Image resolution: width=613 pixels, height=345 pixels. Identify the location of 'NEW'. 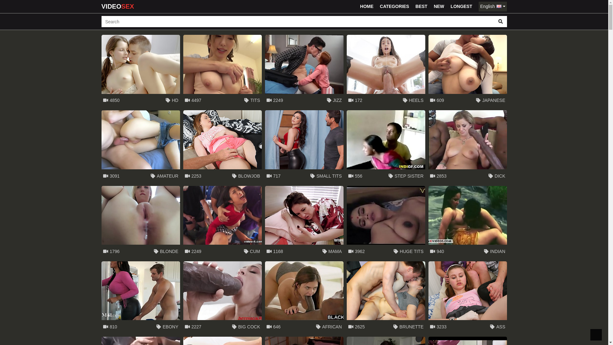
(431, 6).